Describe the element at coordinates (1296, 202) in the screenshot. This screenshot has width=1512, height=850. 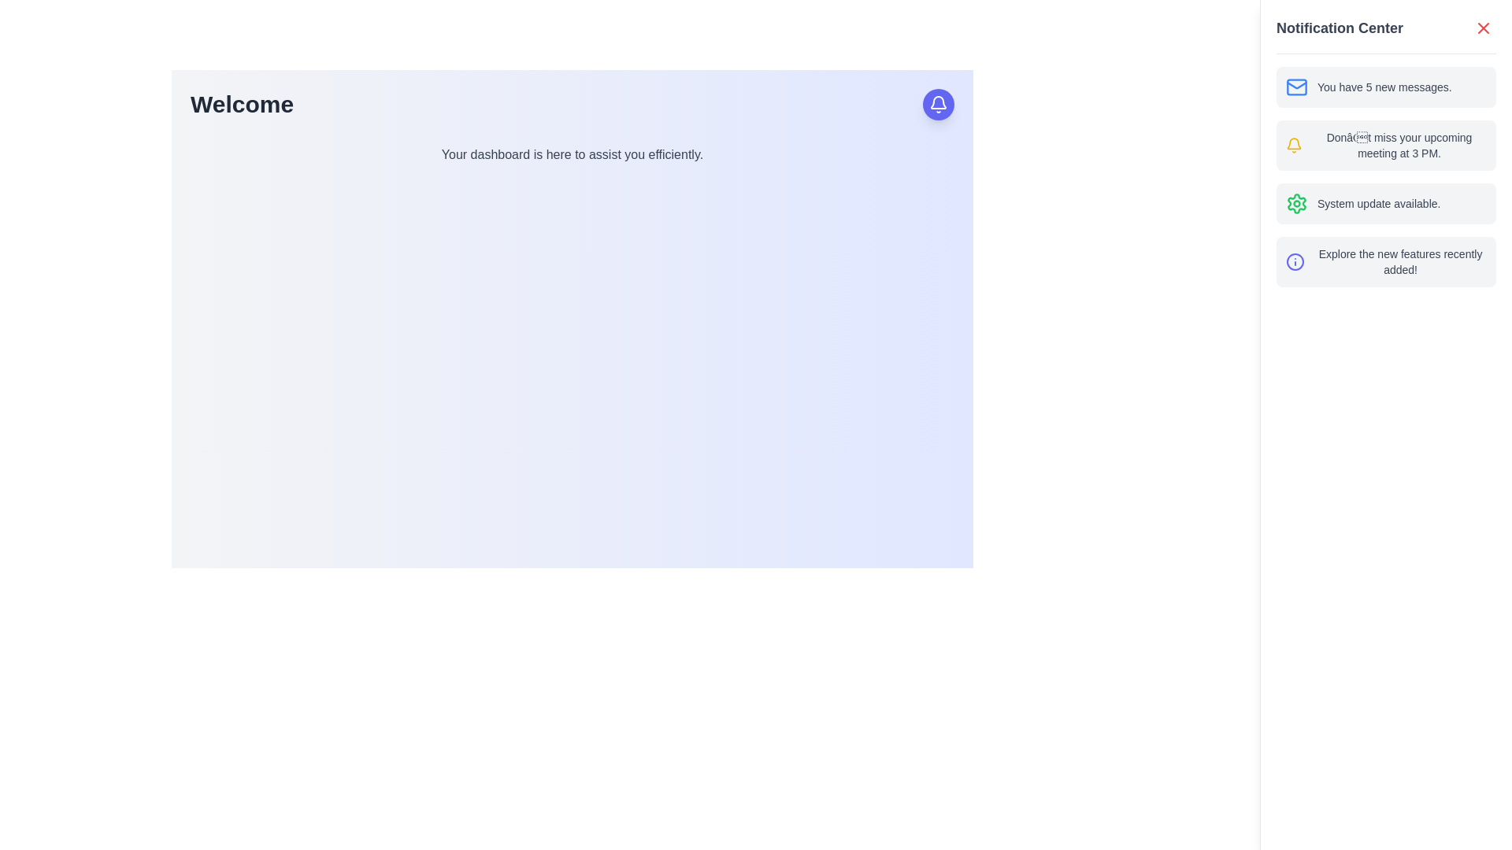
I see `the cogwheel icon with a green outline` at that location.